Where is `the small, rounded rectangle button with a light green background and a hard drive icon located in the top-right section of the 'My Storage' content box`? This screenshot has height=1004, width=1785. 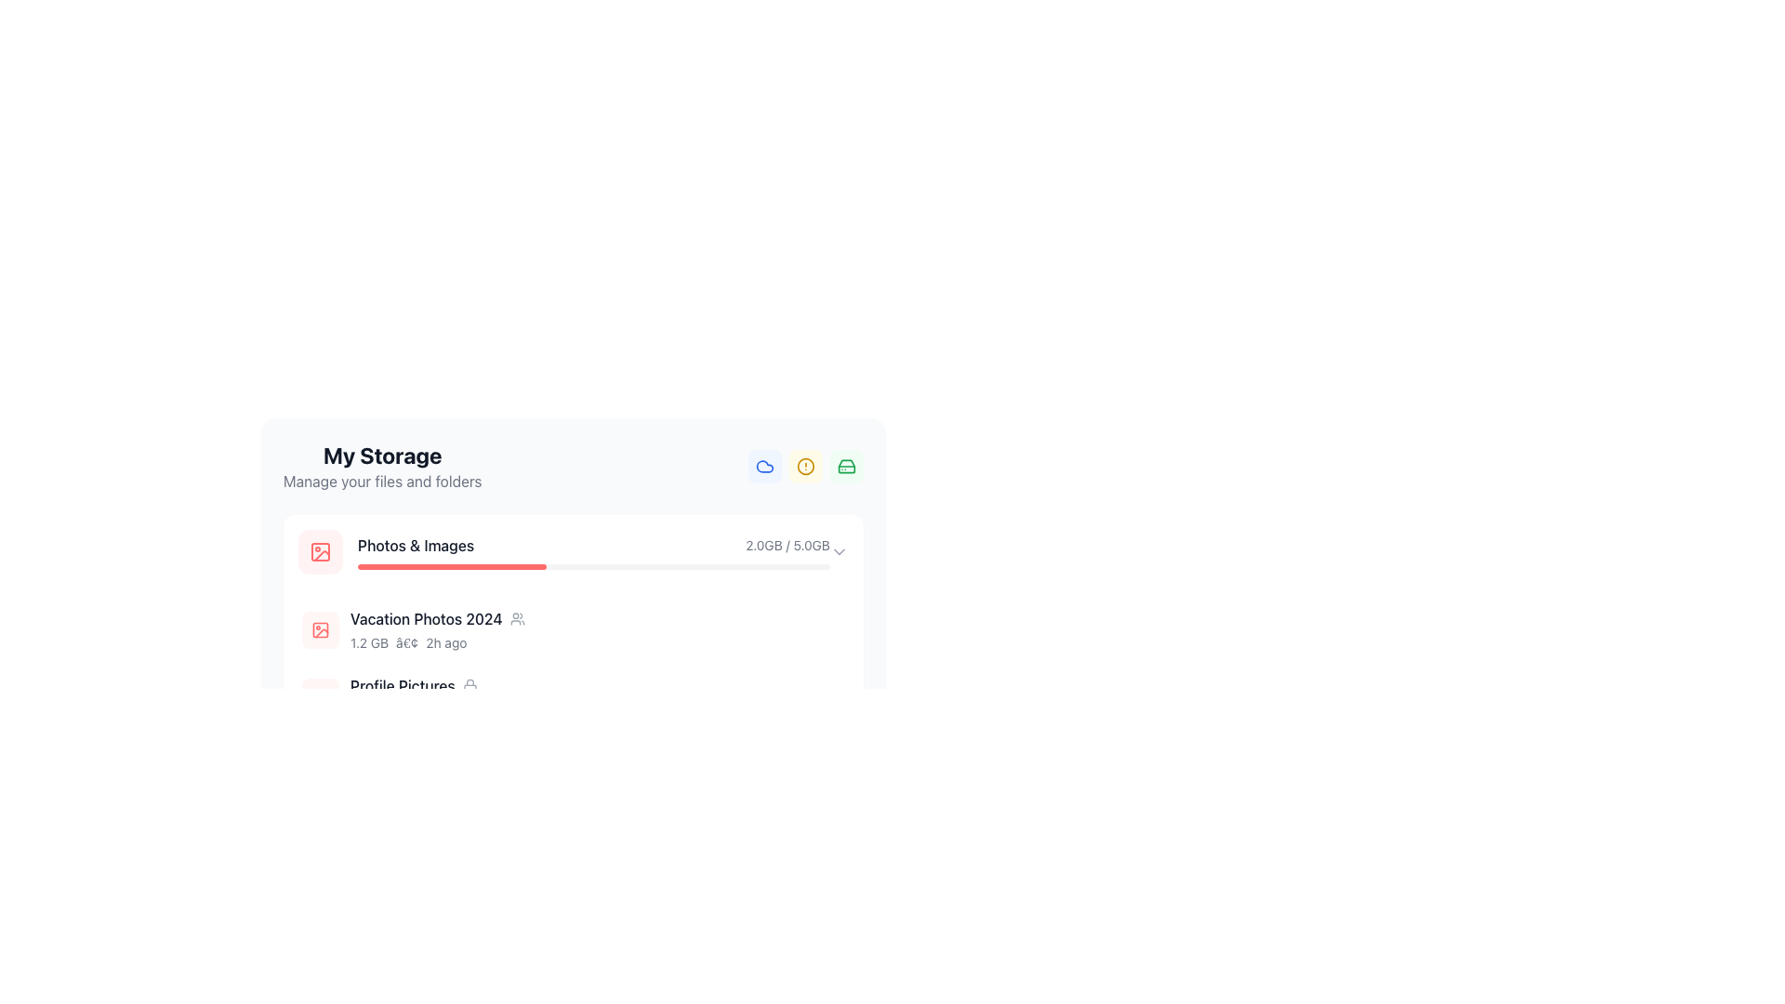 the small, rounded rectangle button with a light green background and a hard drive icon located in the top-right section of the 'My Storage' content box is located at coordinates (846, 465).